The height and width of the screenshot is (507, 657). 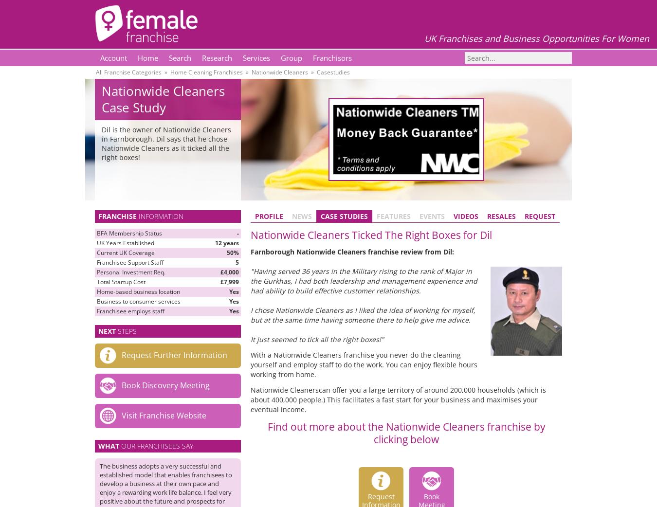 What do you see at coordinates (256, 57) in the screenshot?
I see `'Services'` at bounding box center [256, 57].